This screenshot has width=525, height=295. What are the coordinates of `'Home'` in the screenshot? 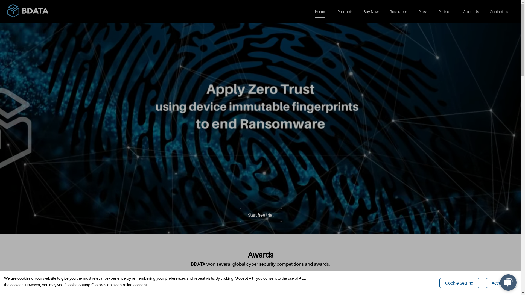 It's located at (320, 11).